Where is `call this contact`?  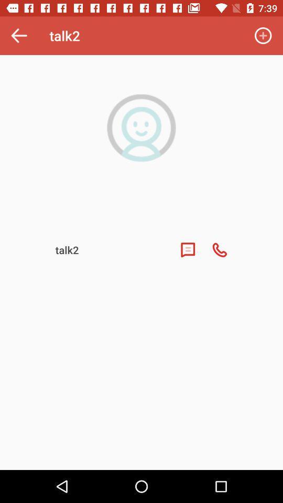 call this contact is located at coordinates (219, 250).